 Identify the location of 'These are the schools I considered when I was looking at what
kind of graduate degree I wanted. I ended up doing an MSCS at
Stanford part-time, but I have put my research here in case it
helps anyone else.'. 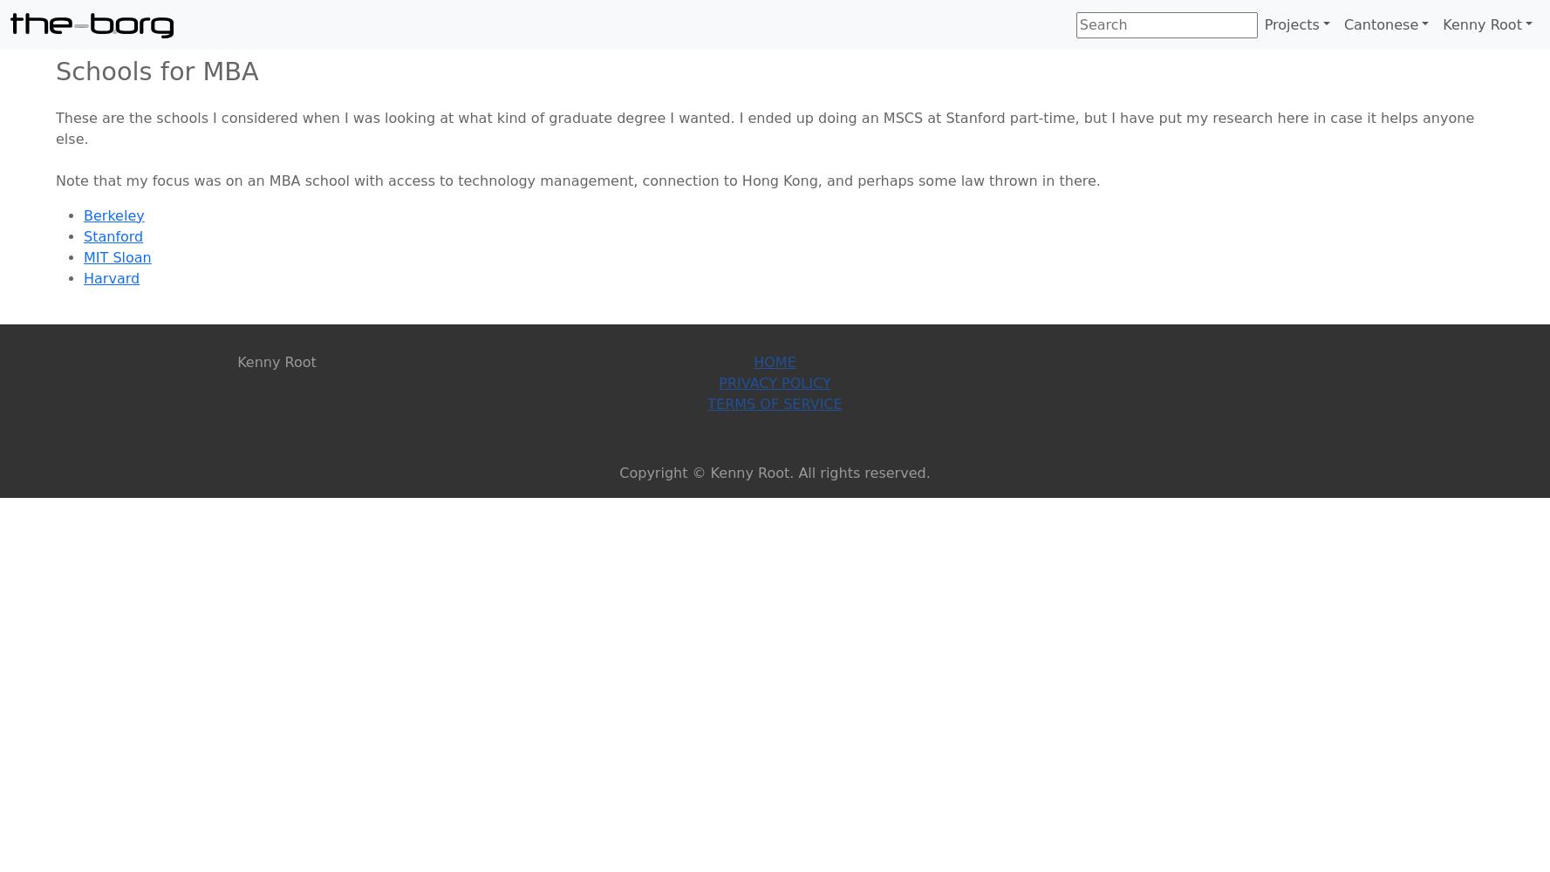
(763, 127).